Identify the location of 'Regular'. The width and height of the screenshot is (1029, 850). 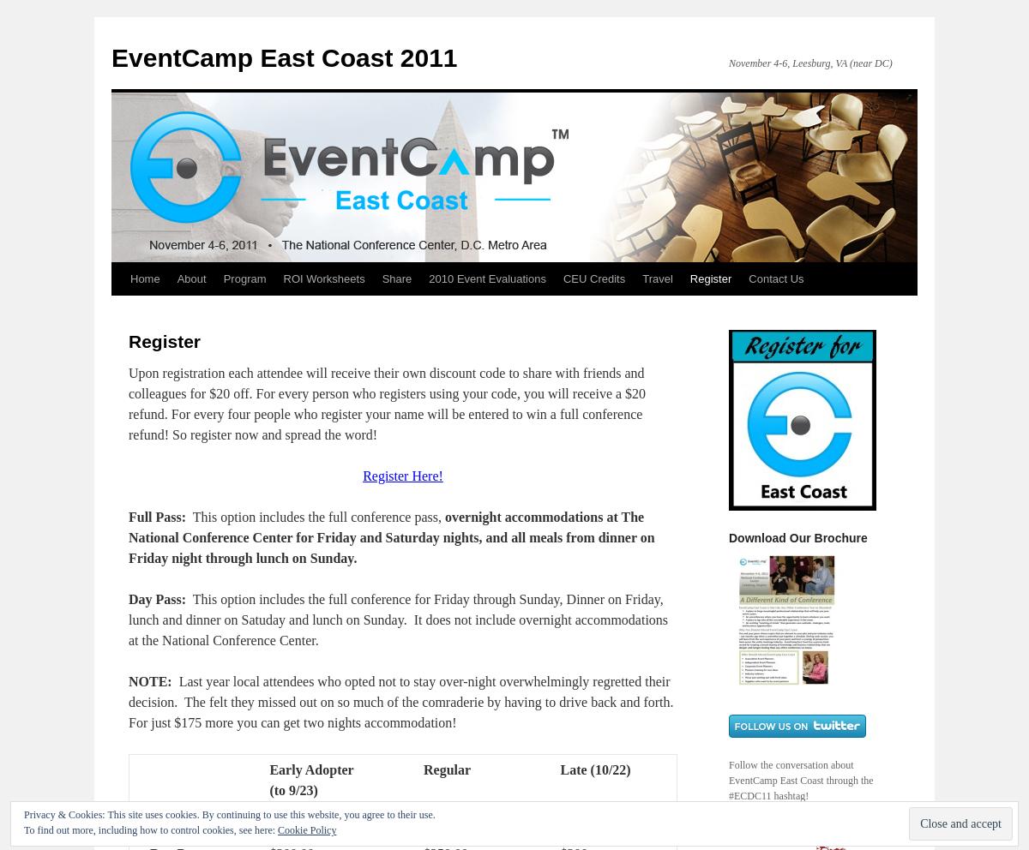
(421, 769).